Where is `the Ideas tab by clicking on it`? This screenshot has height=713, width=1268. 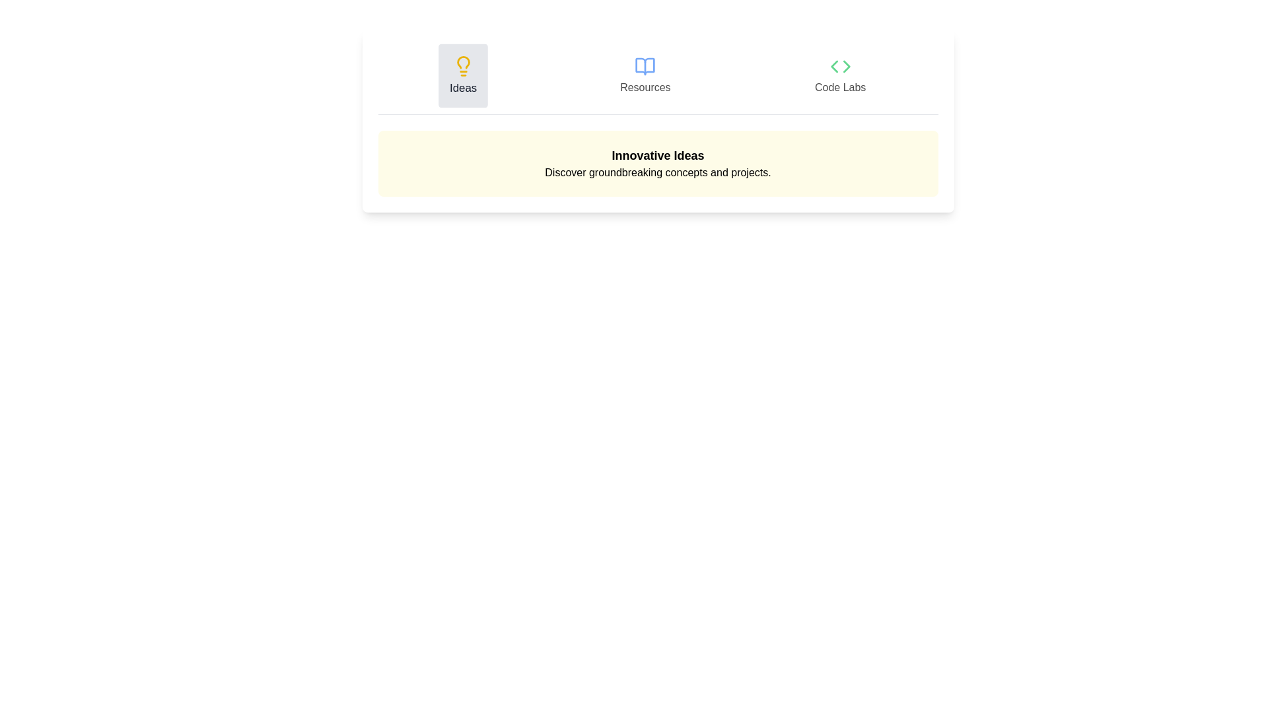
the Ideas tab by clicking on it is located at coordinates (462, 76).